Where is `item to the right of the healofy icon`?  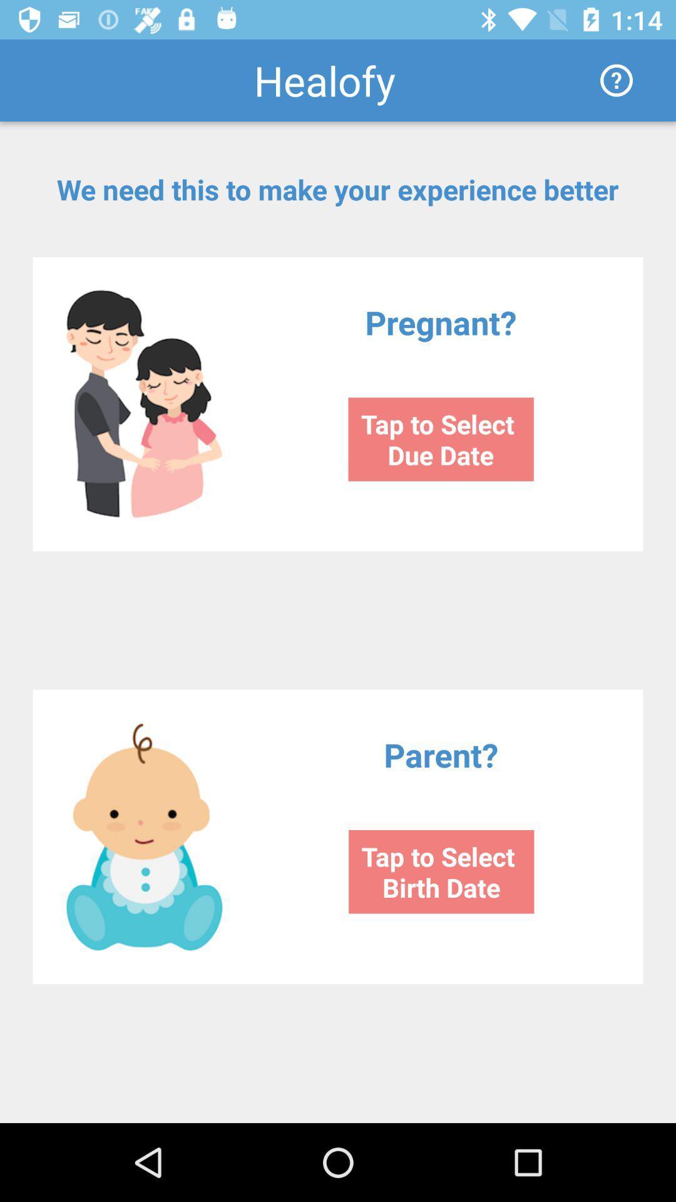 item to the right of the healofy icon is located at coordinates (616, 80).